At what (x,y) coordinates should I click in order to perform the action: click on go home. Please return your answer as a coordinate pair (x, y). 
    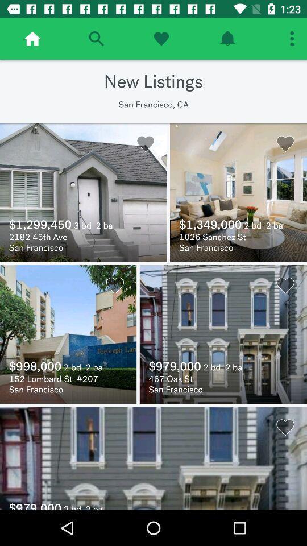
    Looking at the image, I should click on (32, 39).